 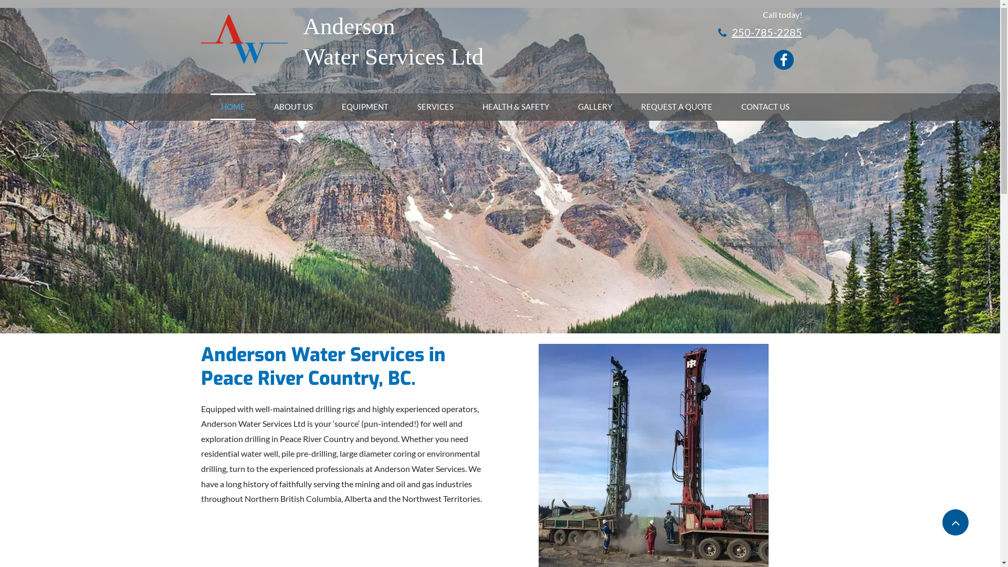 What do you see at coordinates (594, 107) in the screenshot?
I see `'GALLERY'` at bounding box center [594, 107].